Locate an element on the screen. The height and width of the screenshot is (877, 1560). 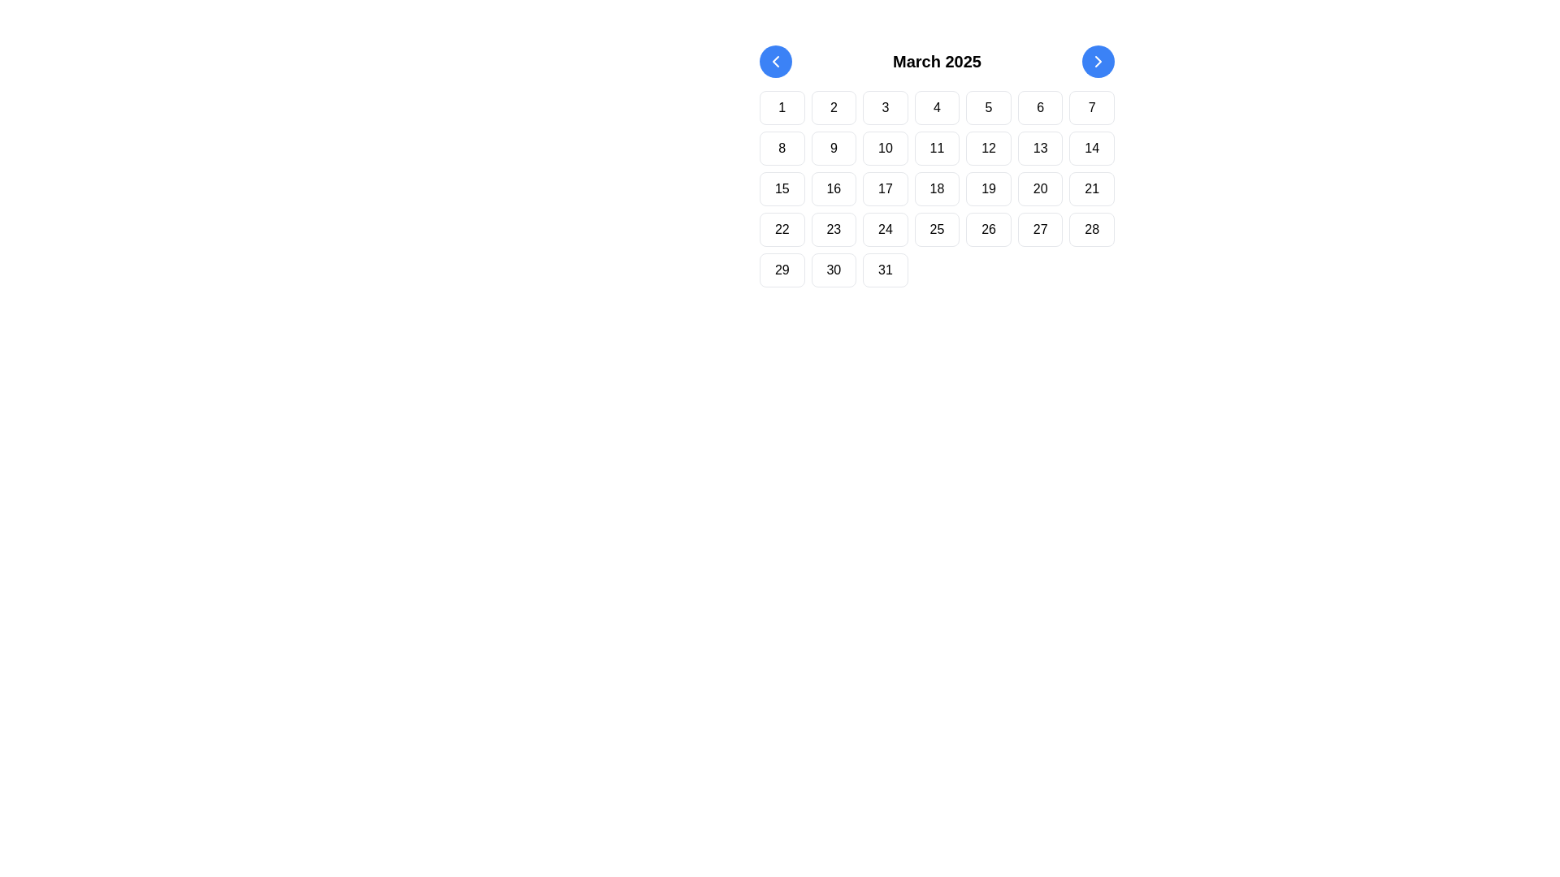
the static text display indicating the 11th day of the calendar, located on the second row and fourth column of the grid layout is located at coordinates (937, 148).